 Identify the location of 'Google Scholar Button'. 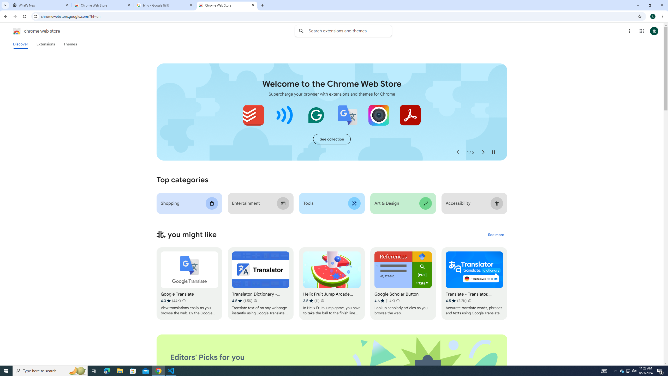
(403, 283).